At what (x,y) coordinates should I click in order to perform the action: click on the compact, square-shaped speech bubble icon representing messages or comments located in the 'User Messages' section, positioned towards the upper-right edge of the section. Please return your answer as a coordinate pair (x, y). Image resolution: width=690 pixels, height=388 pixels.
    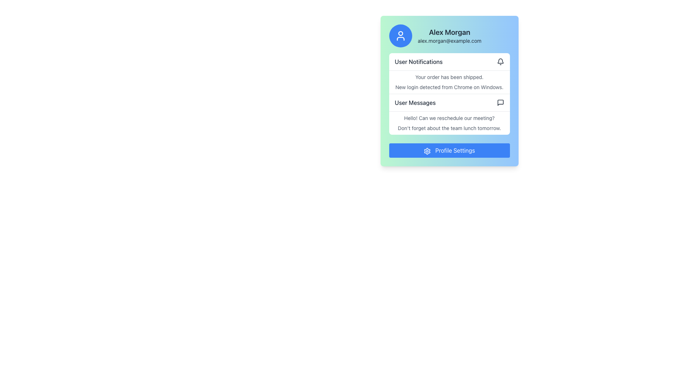
    Looking at the image, I should click on (500, 102).